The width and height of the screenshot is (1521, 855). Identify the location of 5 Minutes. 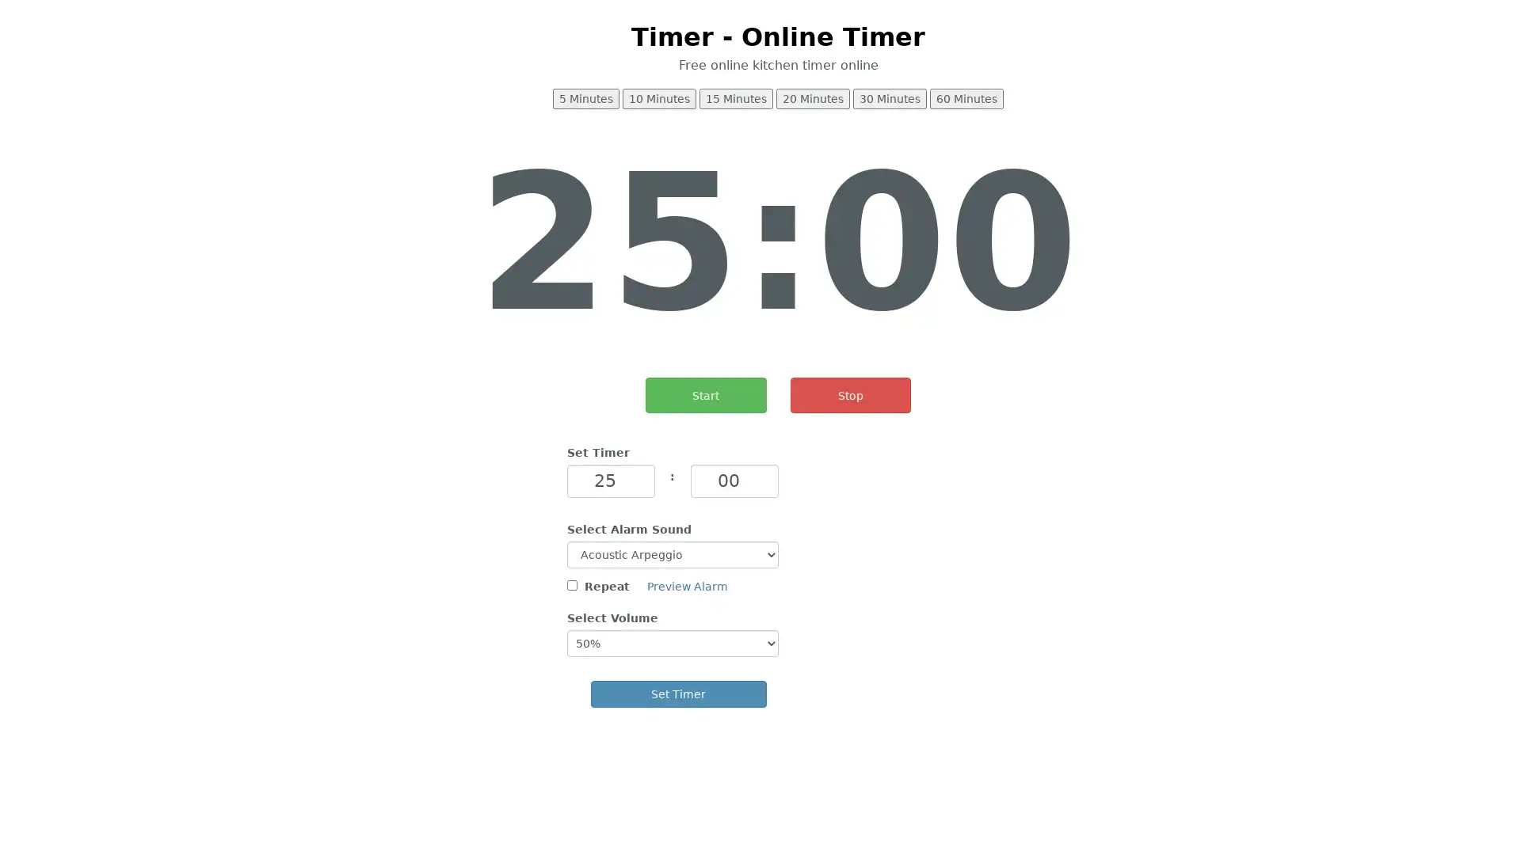
(585, 97).